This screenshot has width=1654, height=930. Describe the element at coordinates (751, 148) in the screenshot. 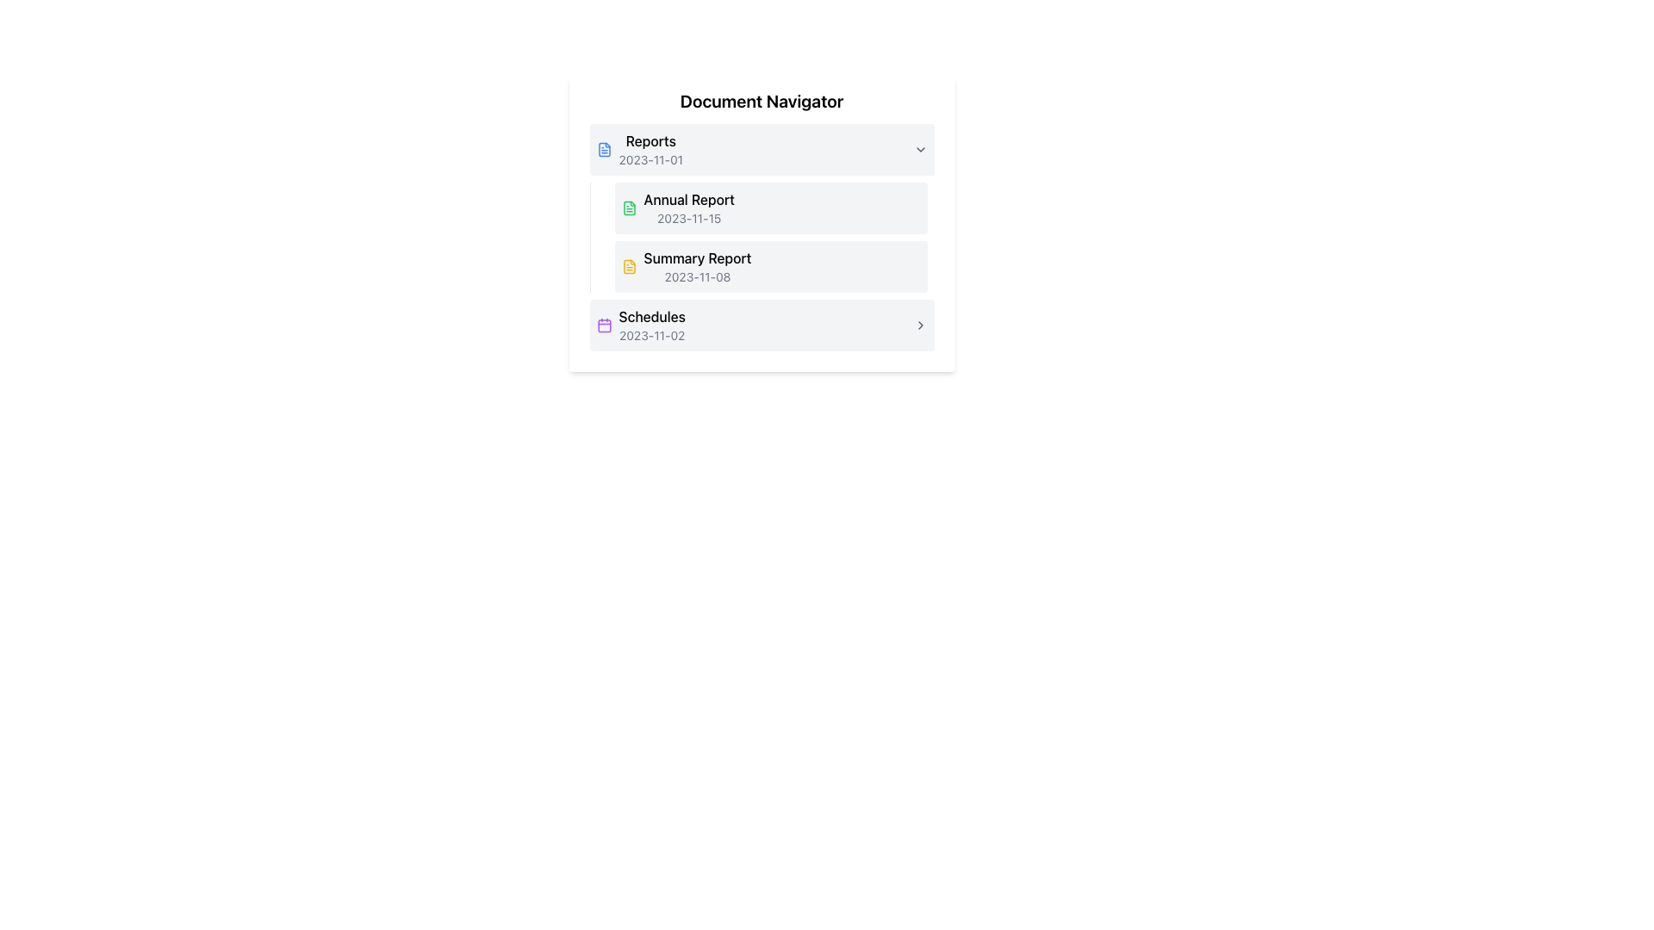

I see `the List Item displaying 'Reports' followed by '2023-11-01'` at that location.